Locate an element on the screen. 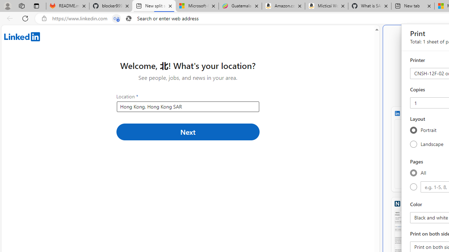 The height and width of the screenshot is (252, 449). 'Custom' is located at coordinates (413, 187).